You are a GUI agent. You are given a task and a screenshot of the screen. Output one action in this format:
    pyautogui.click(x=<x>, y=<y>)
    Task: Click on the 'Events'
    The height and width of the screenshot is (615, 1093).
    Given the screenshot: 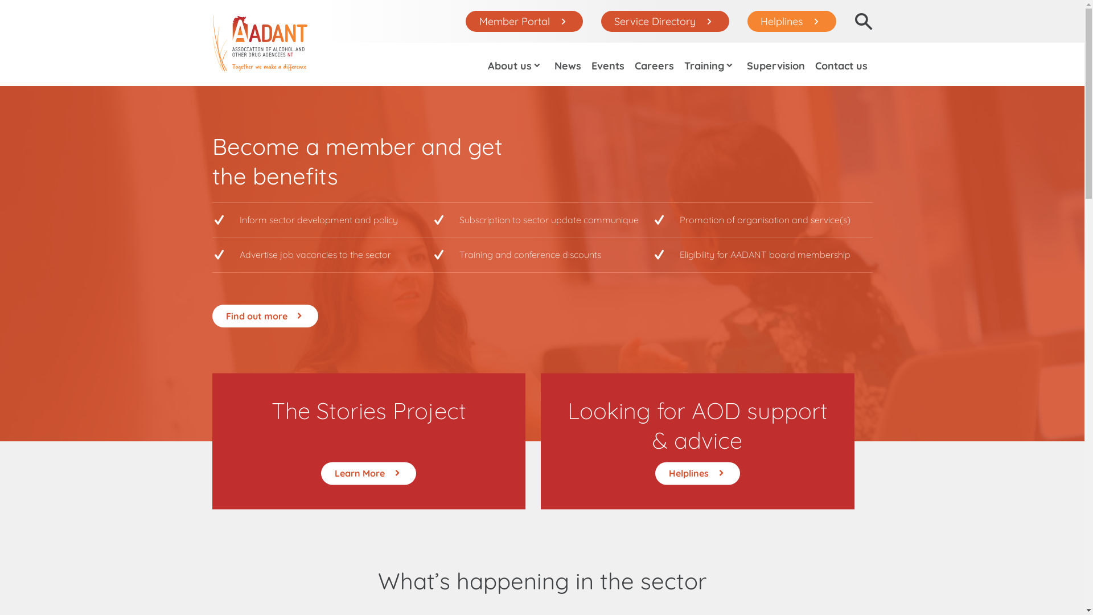 What is the action you would take?
    pyautogui.click(x=607, y=65)
    